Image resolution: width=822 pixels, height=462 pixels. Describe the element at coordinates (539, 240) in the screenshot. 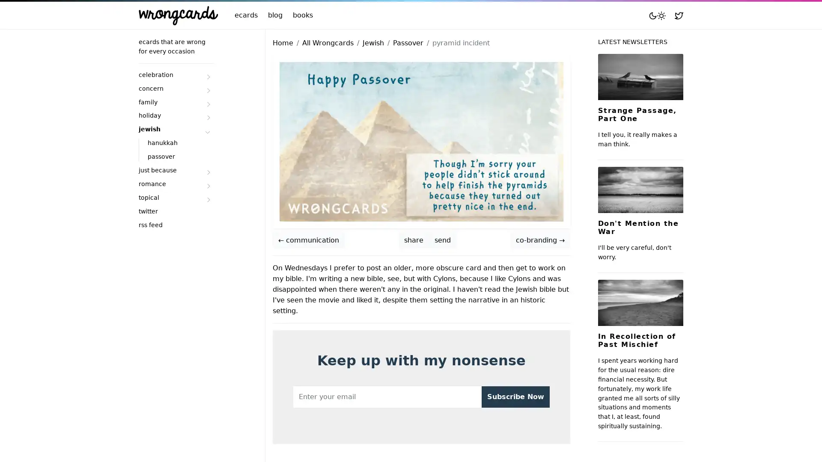

I see `co-branding` at that location.